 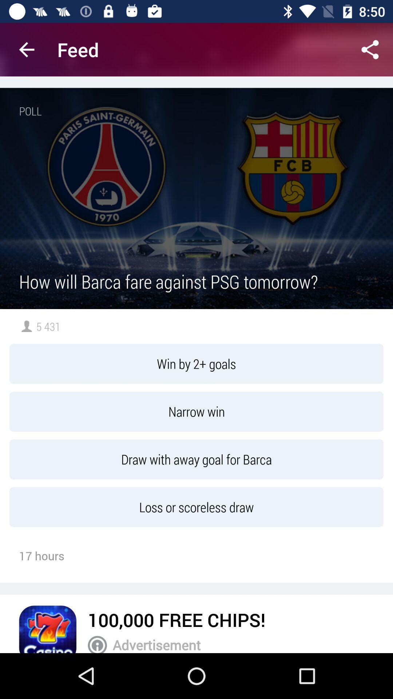 What do you see at coordinates (48, 629) in the screenshot?
I see `follow the advertisement link` at bounding box center [48, 629].